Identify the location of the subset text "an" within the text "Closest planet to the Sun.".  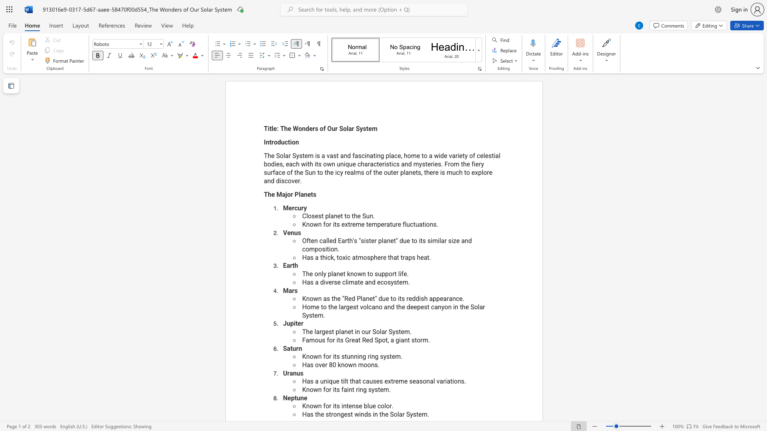
(330, 216).